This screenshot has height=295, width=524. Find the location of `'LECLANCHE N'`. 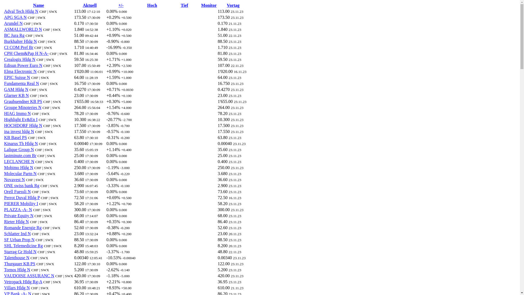

'LECLANCHE N' is located at coordinates (19, 161).